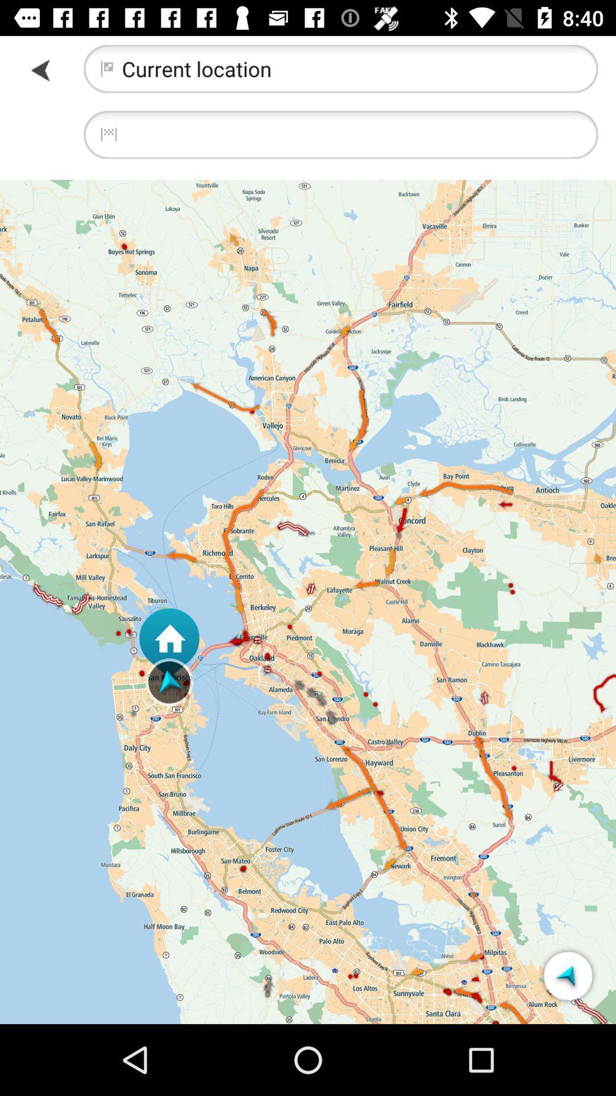 The width and height of the screenshot is (616, 1096). What do you see at coordinates (41, 69) in the screenshot?
I see `go back` at bounding box center [41, 69].